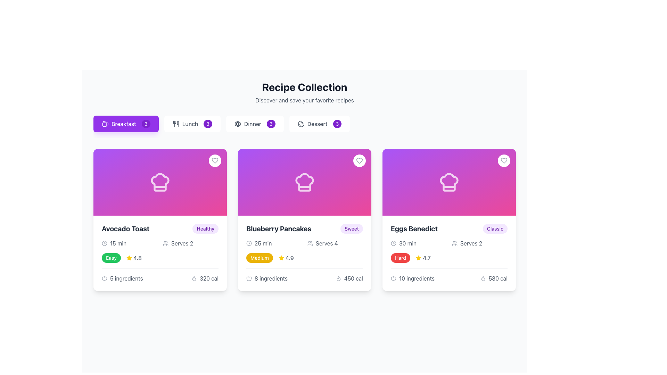 Image resolution: width=667 pixels, height=375 pixels. Describe the element at coordinates (471, 243) in the screenshot. I see `the static text label indicating the number of servings for the 'Eggs Benedict' recipe, located to the right of the servings icon at the bottom of the card` at that location.